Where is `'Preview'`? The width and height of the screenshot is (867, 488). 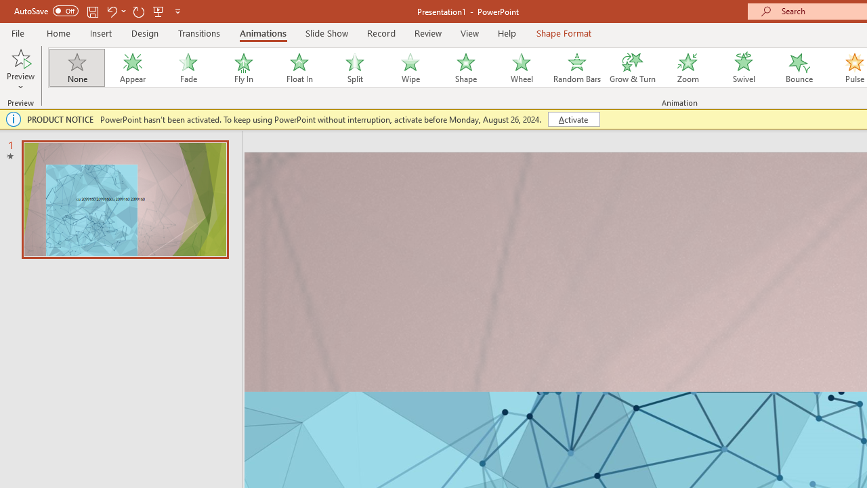
'Preview' is located at coordinates (20, 57).